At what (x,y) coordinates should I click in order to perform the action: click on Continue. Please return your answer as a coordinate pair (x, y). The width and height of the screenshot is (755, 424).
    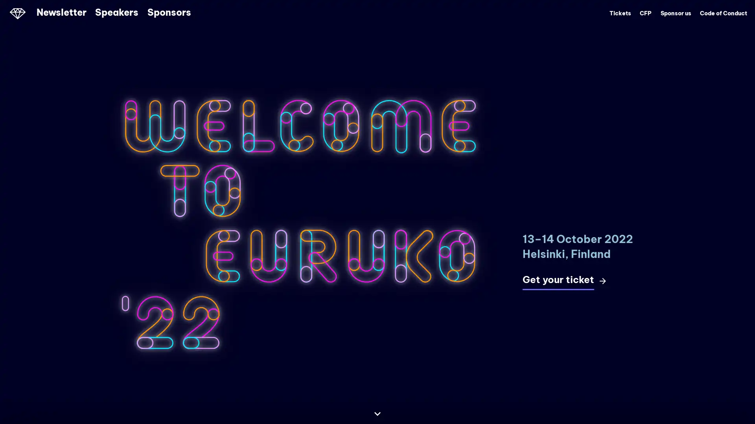
    Looking at the image, I should click on (377, 413).